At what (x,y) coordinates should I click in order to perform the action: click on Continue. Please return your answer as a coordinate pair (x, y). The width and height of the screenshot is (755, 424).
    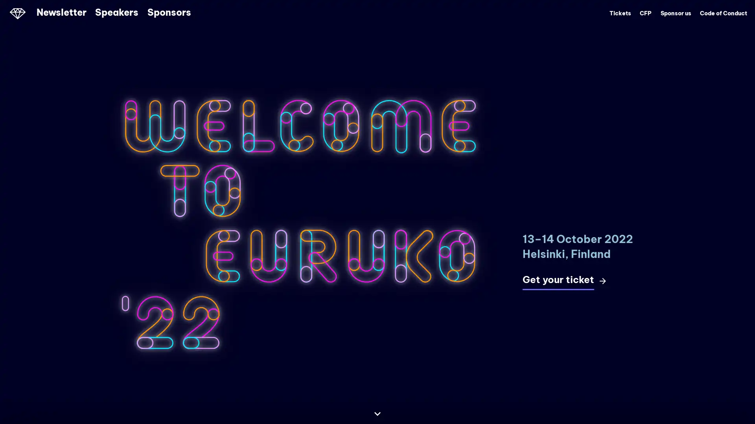
    Looking at the image, I should click on (377, 413).